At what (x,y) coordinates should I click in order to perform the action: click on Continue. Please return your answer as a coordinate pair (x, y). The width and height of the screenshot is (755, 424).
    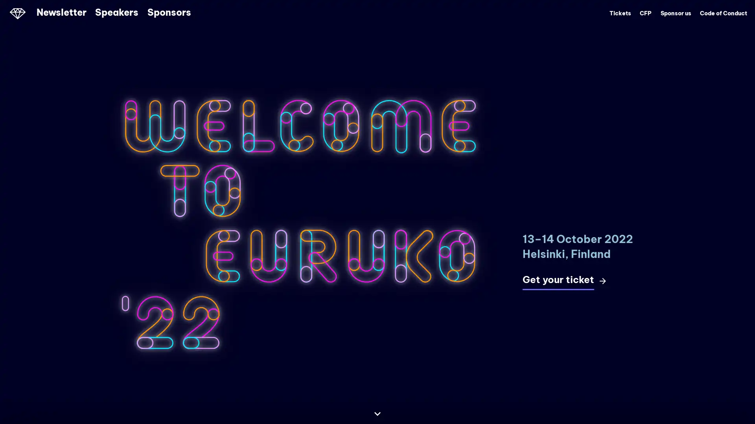
    Looking at the image, I should click on (377, 413).